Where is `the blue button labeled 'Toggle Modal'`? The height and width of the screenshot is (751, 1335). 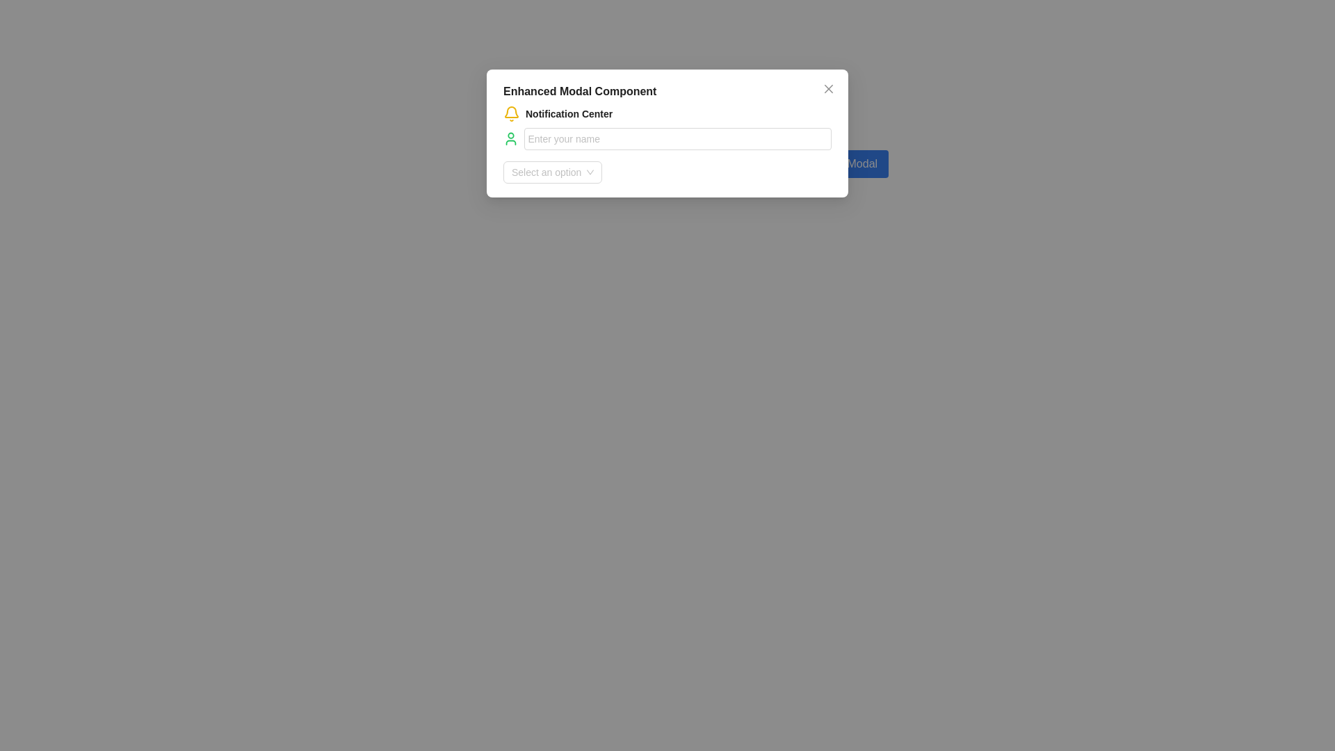 the blue button labeled 'Toggle Modal' is located at coordinates (843, 163).